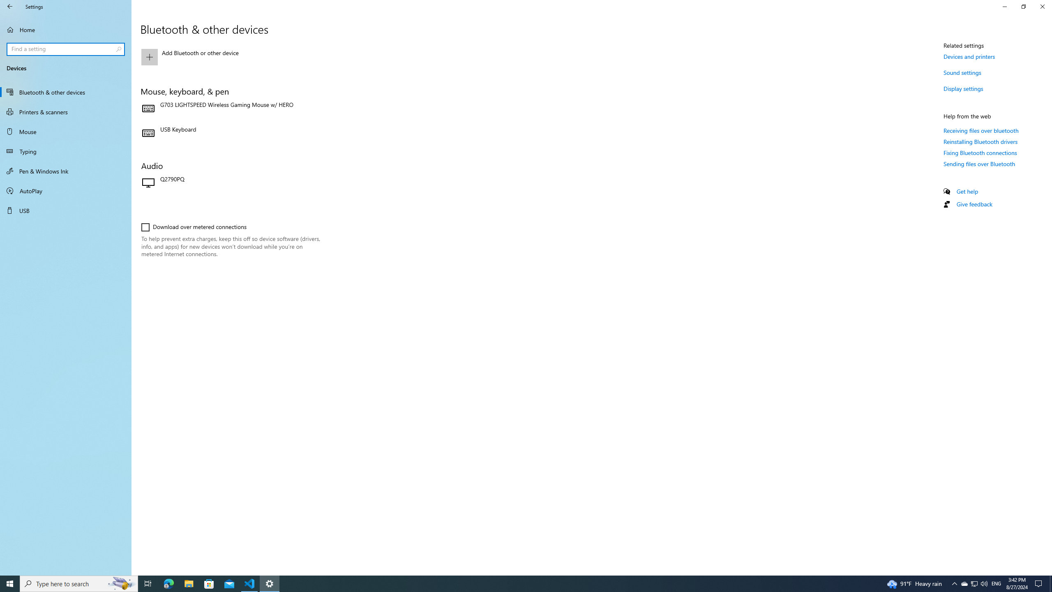 This screenshot has height=592, width=1052. Describe the element at coordinates (230, 109) in the screenshot. I see `'G703 LIGHTSPEED Wireless Gaming Mouse w/ HERO Type: Keyboard'` at that location.